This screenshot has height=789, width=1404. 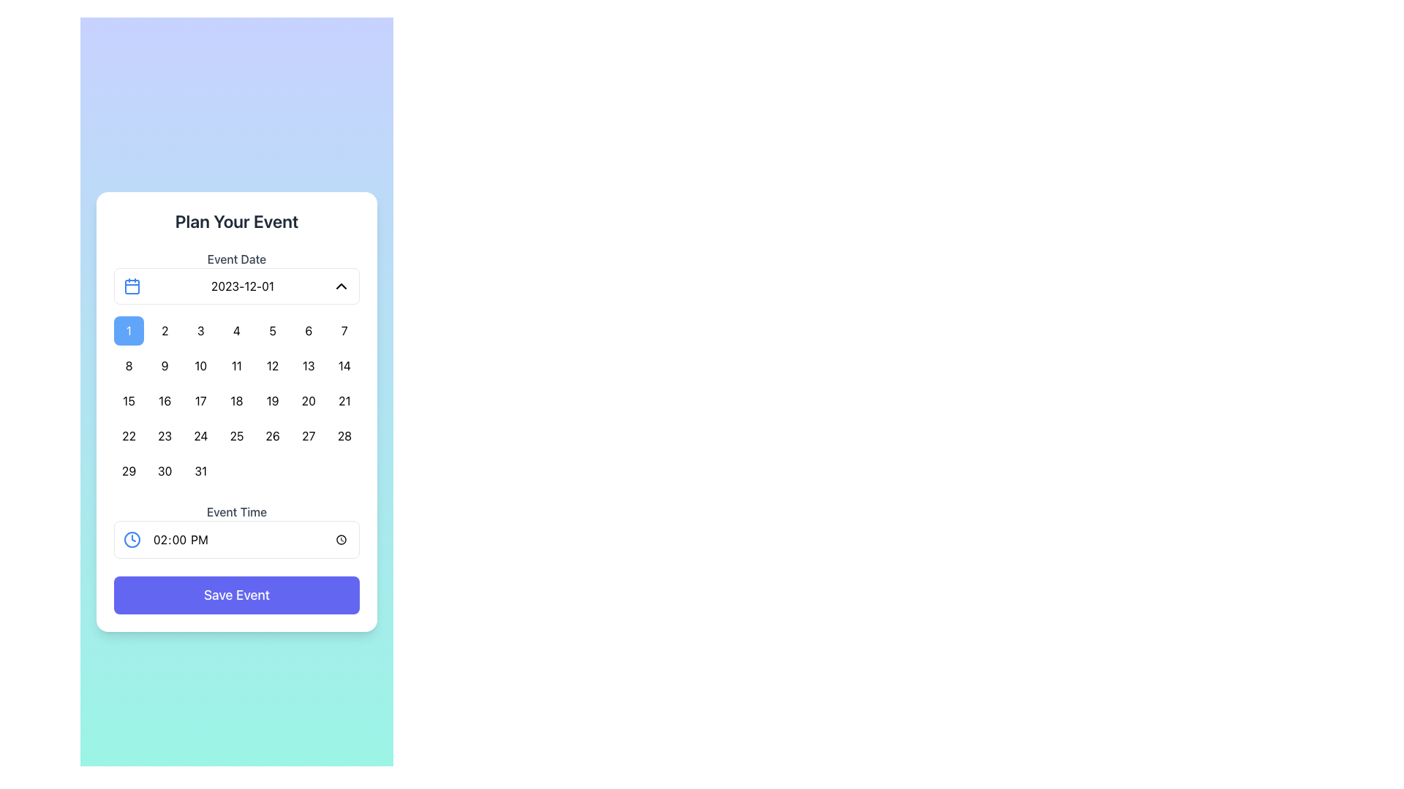 I want to click on the date '27' button in the calendar interface, so click(x=308, y=435).